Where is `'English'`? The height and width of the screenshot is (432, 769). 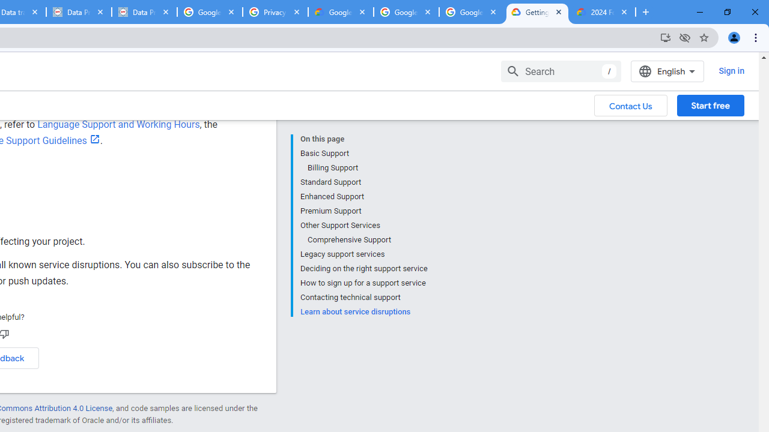
'English' is located at coordinates (667, 71).